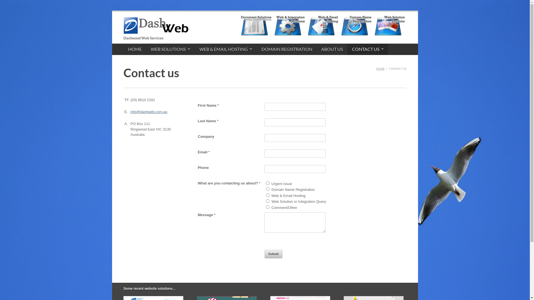 The height and width of the screenshot is (300, 534). I want to click on 'ABOUT US', so click(317, 49).